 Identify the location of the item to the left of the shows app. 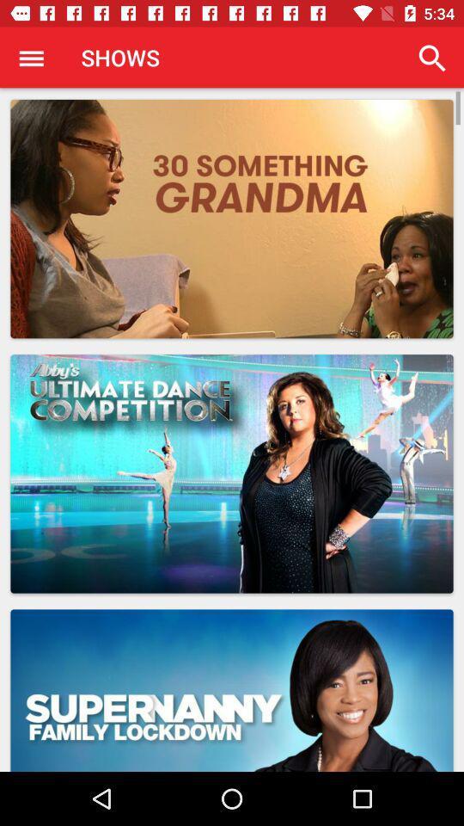
(31, 58).